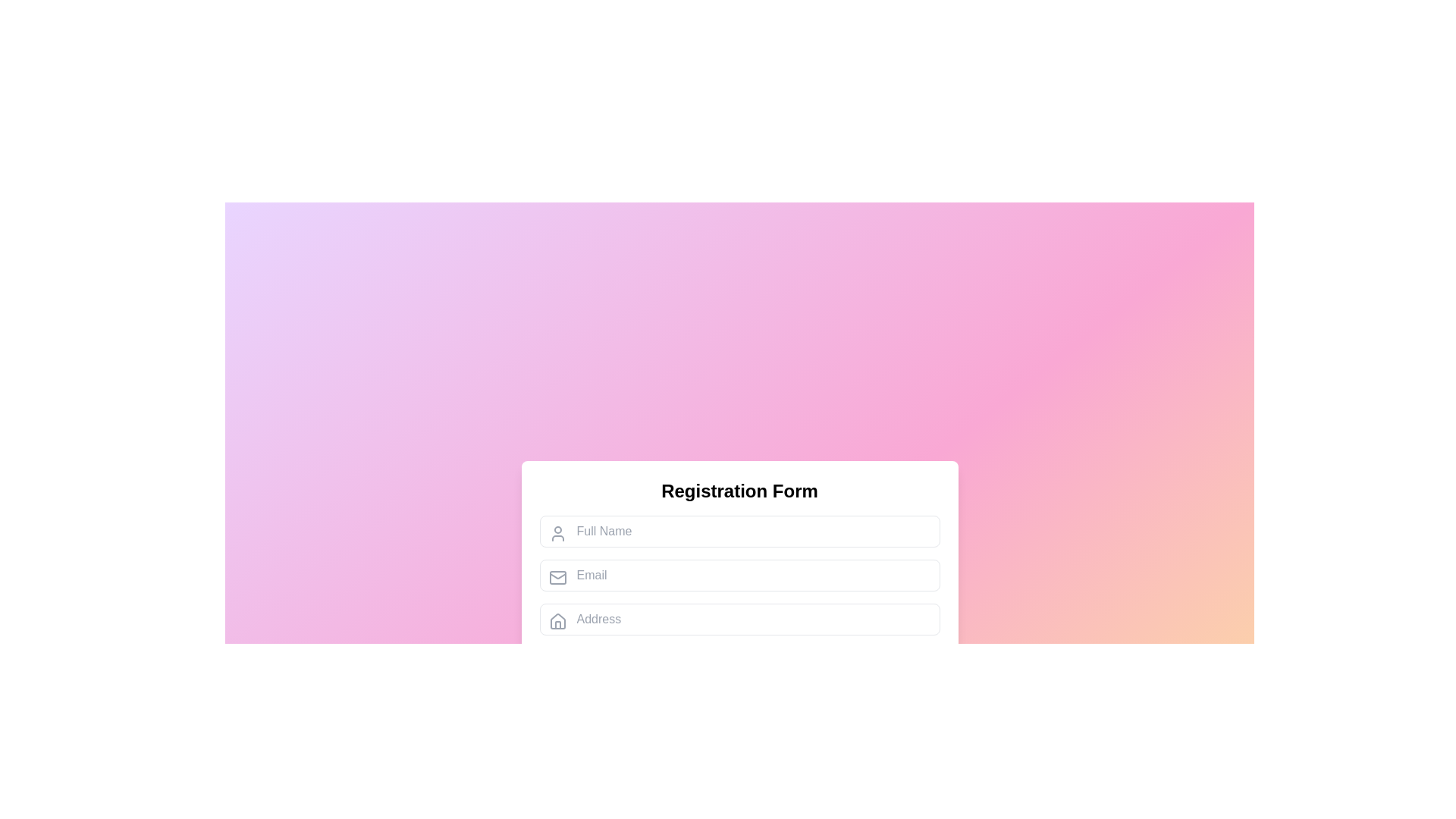 Image resolution: width=1456 pixels, height=819 pixels. What do you see at coordinates (557, 621) in the screenshot?
I see `the decorative icon representing the address input field, located at the far-left side of the input box before the placeholder text` at bounding box center [557, 621].